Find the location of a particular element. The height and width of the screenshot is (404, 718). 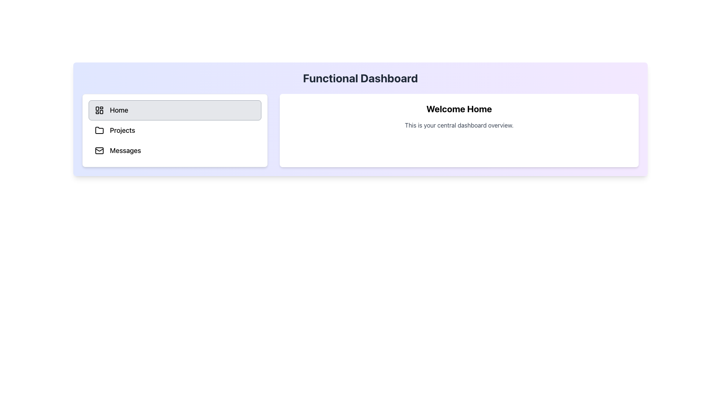

the 'Projects' menu item button, which is the second option in a vertical list of three menu items is located at coordinates (174, 130).